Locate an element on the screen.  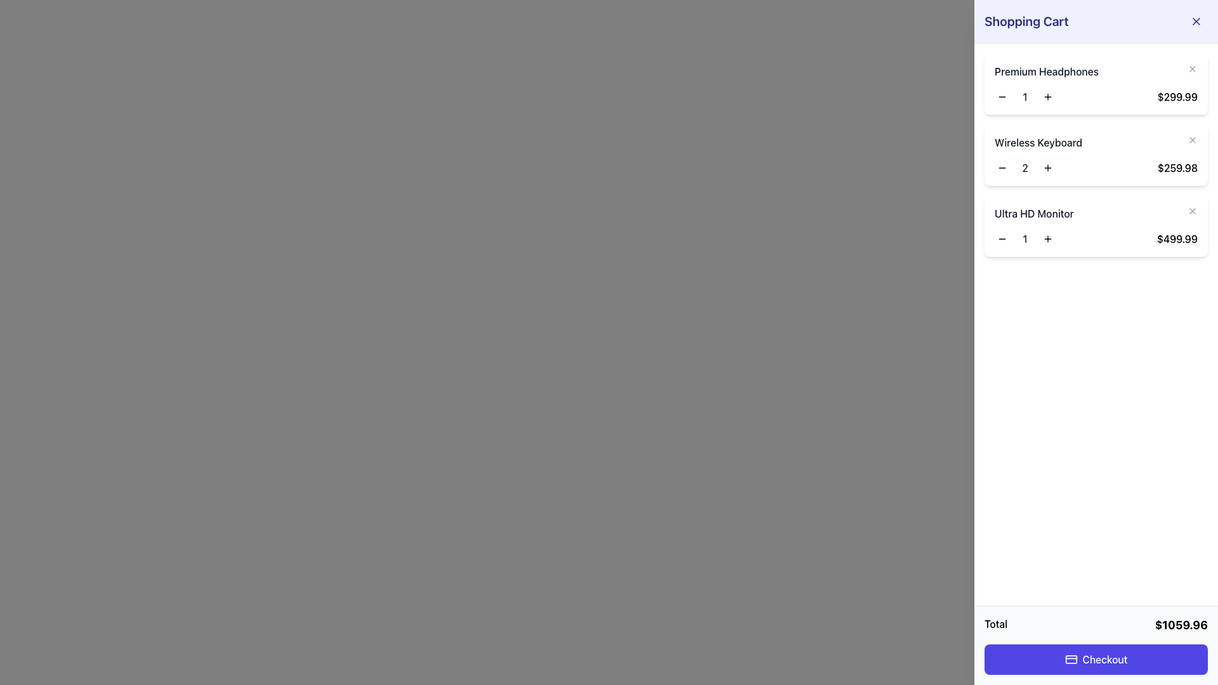
the increment button for increasing the quantity of the Ultra HD Monitor item, located at the bottom right of the cart content is located at coordinates (1047, 239).